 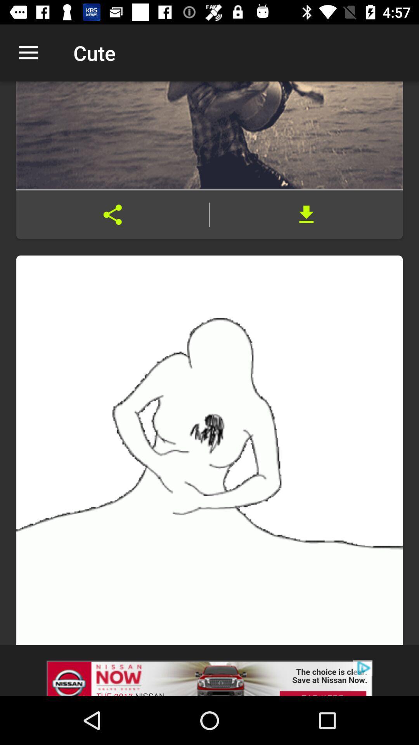 What do you see at coordinates (306, 215) in the screenshot?
I see `download button` at bounding box center [306, 215].